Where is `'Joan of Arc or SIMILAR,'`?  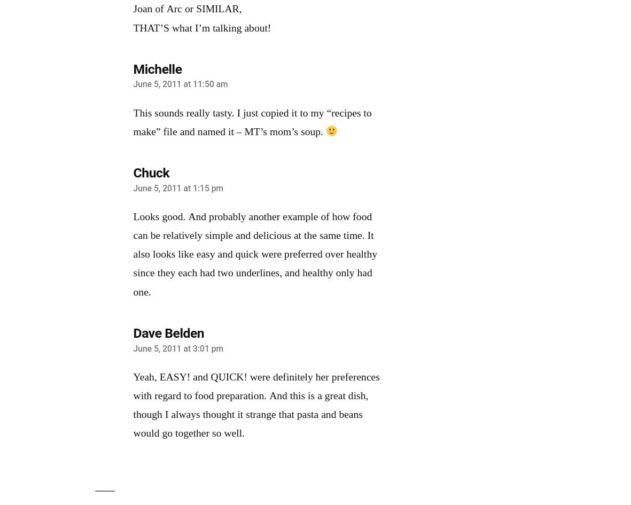 'Joan of Arc or SIMILAR,' is located at coordinates (186, 9).